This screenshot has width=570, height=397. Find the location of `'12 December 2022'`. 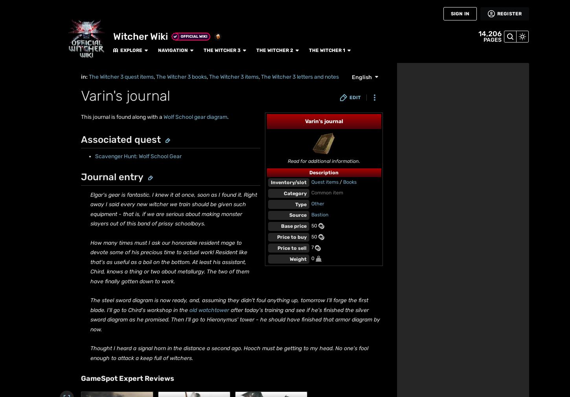

'12 December 2022' is located at coordinates (100, 51).